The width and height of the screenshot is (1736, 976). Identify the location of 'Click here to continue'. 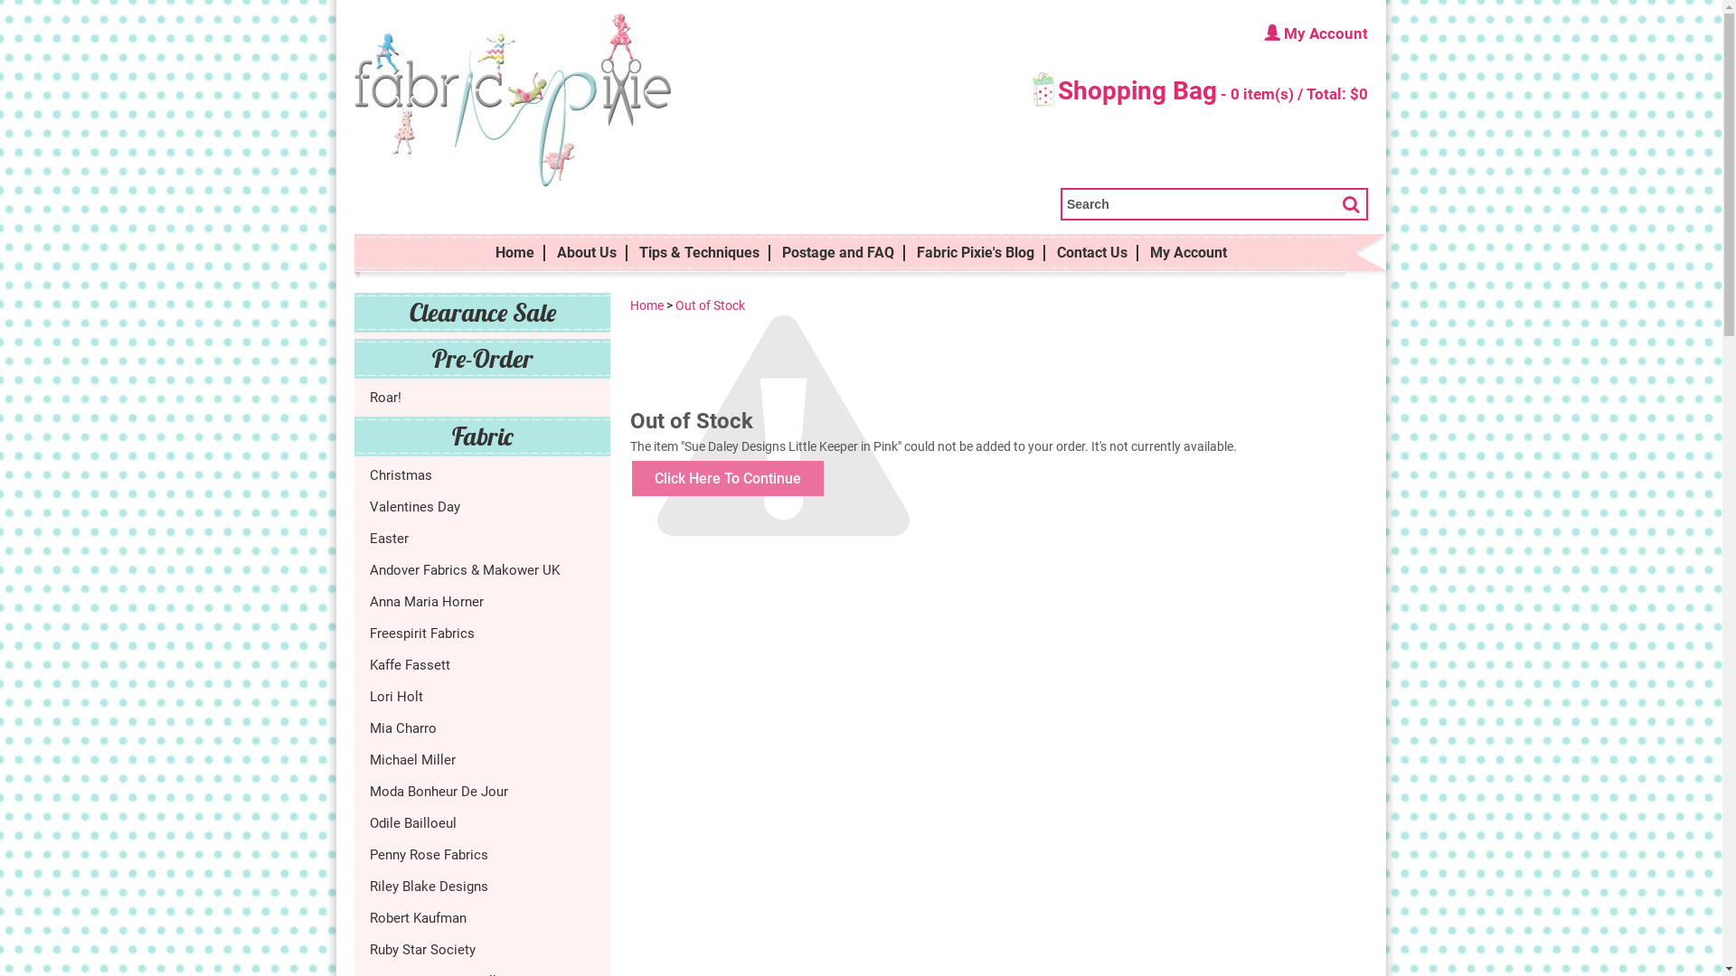
(728, 477).